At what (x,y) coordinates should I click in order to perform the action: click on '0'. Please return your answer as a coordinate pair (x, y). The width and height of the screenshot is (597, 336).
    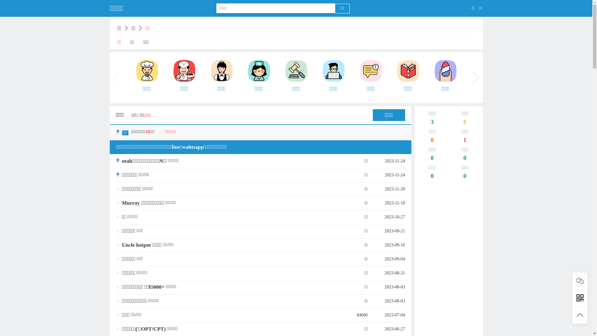
    Looking at the image, I should click on (432, 140).